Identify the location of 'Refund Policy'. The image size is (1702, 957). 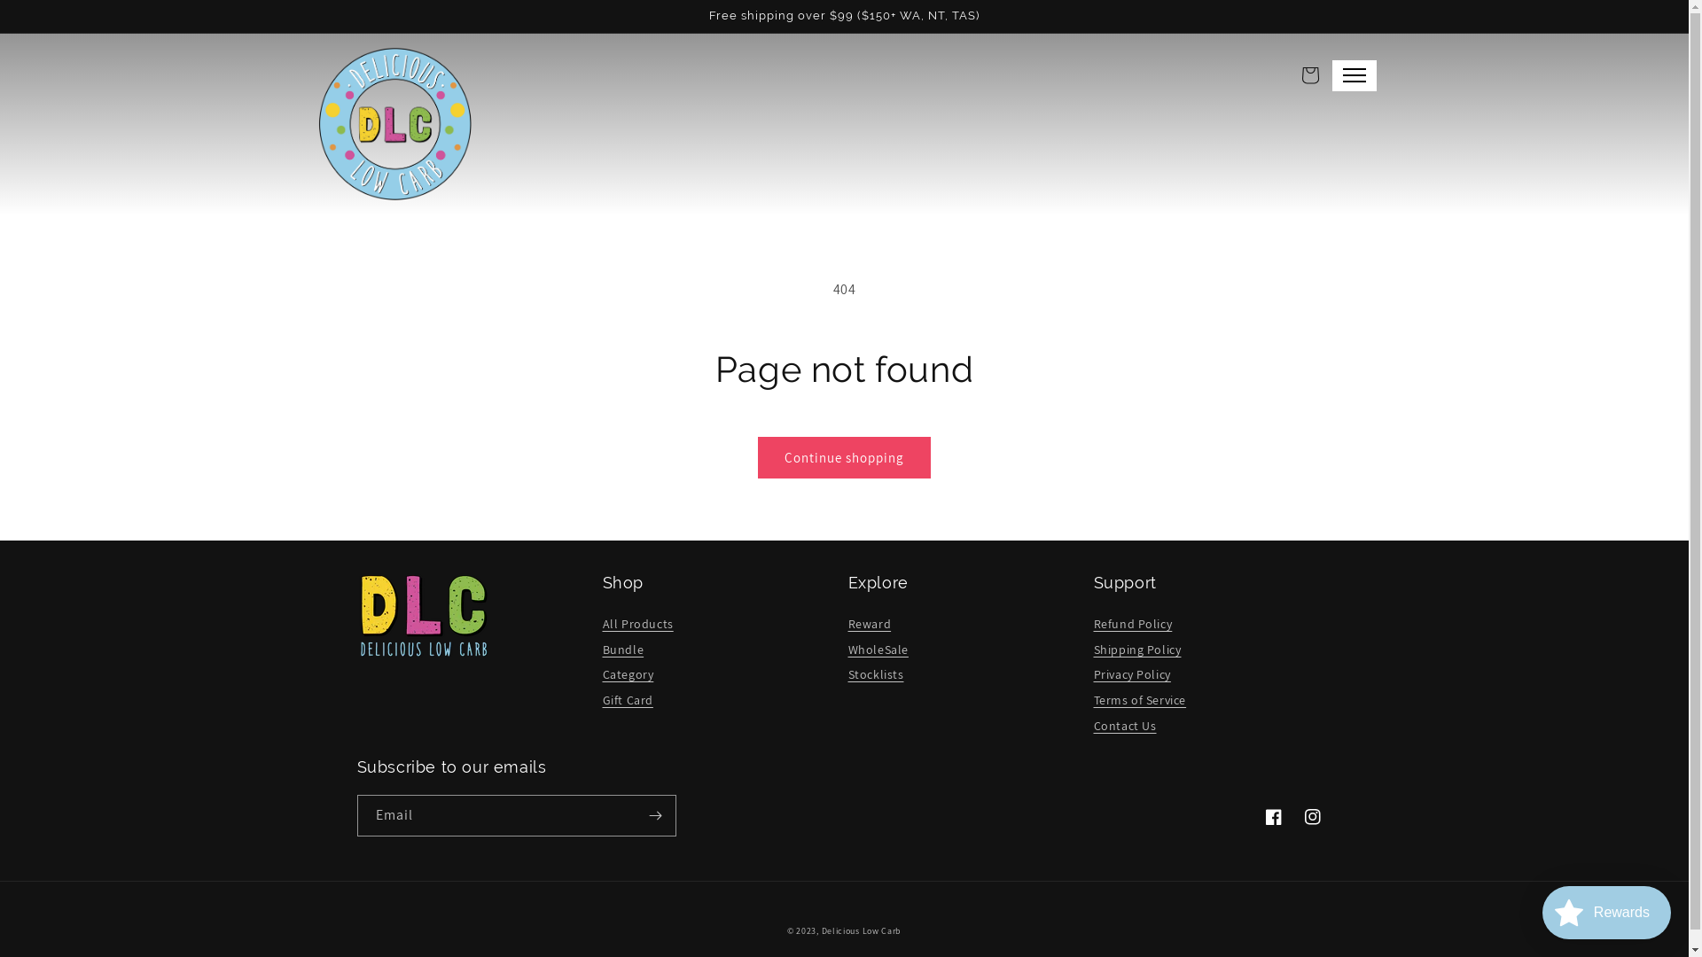
(1132, 623).